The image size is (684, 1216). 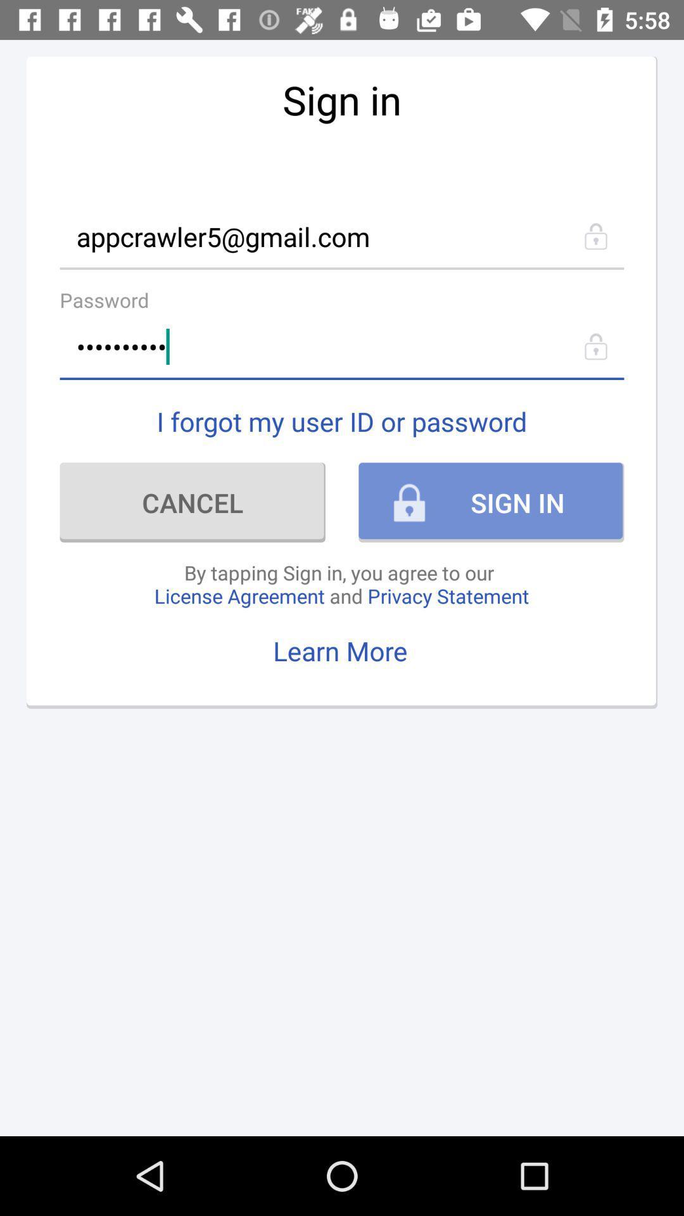 What do you see at coordinates (193, 502) in the screenshot?
I see `the icon next to the sign in item` at bounding box center [193, 502].